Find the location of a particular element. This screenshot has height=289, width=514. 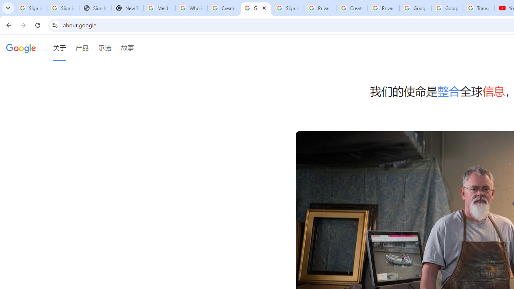

'Google Account' is located at coordinates (447, 8).